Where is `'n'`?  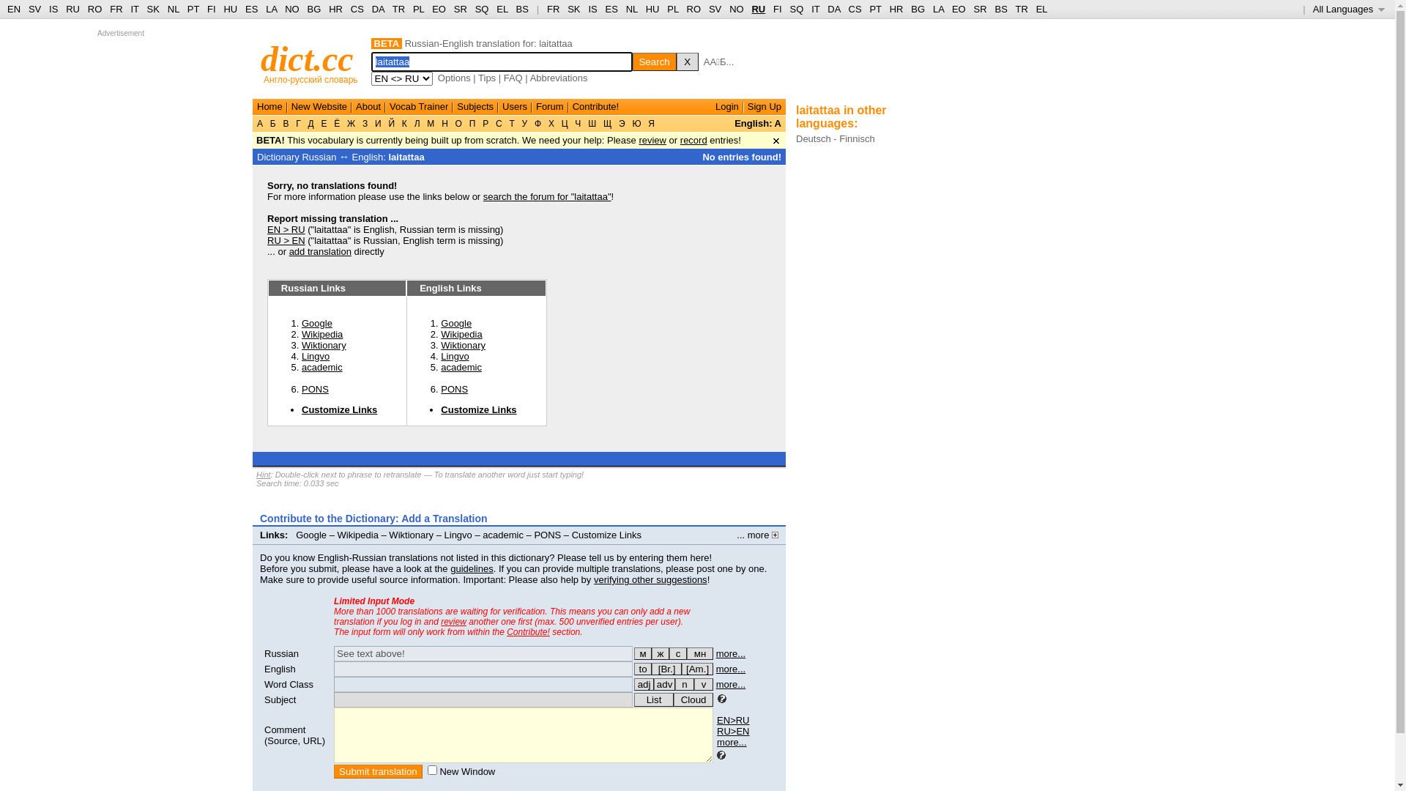
'n' is located at coordinates (684, 684).